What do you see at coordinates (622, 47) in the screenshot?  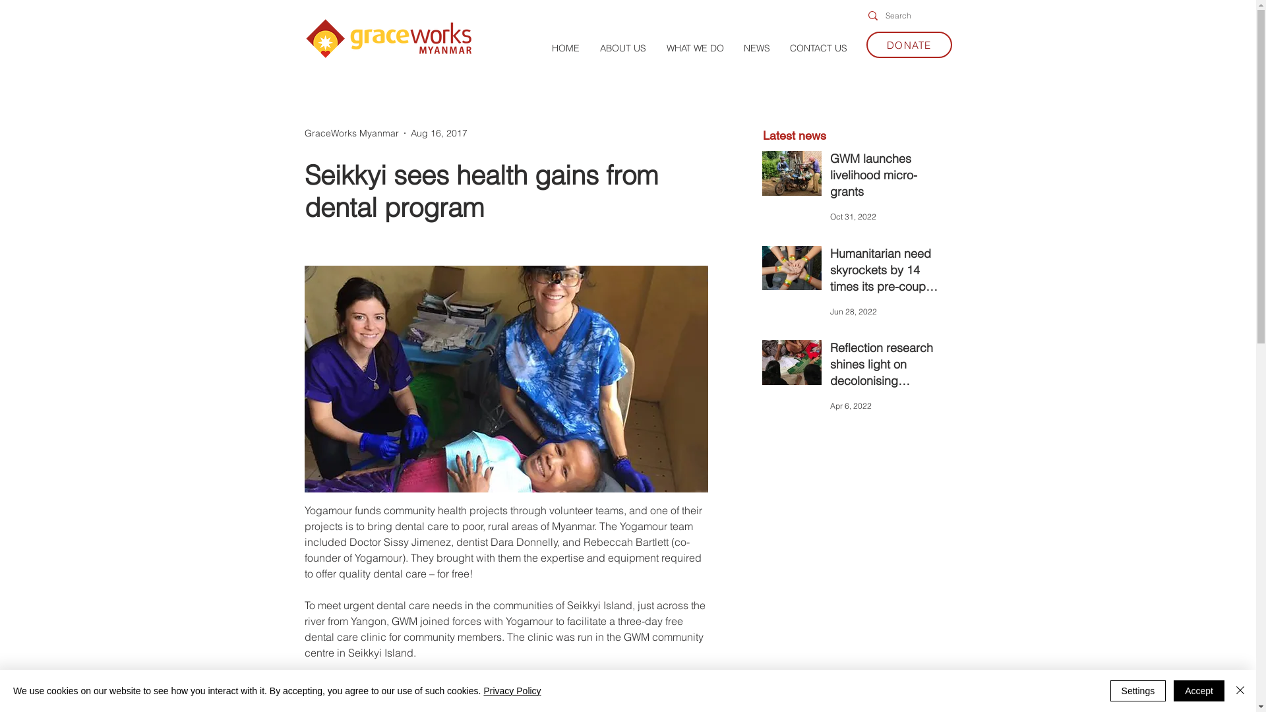 I see `'ABOUT US'` at bounding box center [622, 47].